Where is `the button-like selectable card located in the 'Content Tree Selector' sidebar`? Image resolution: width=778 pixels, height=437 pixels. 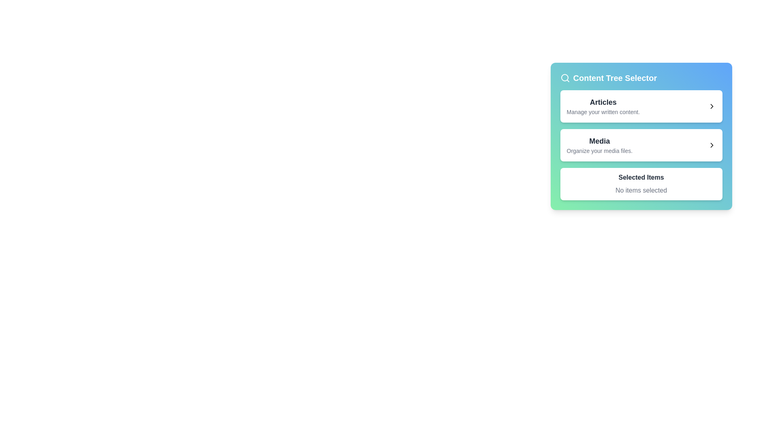 the button-like selectable card located in the 'Content Tree Selector' sidebar is located at coordinates (641, 144).